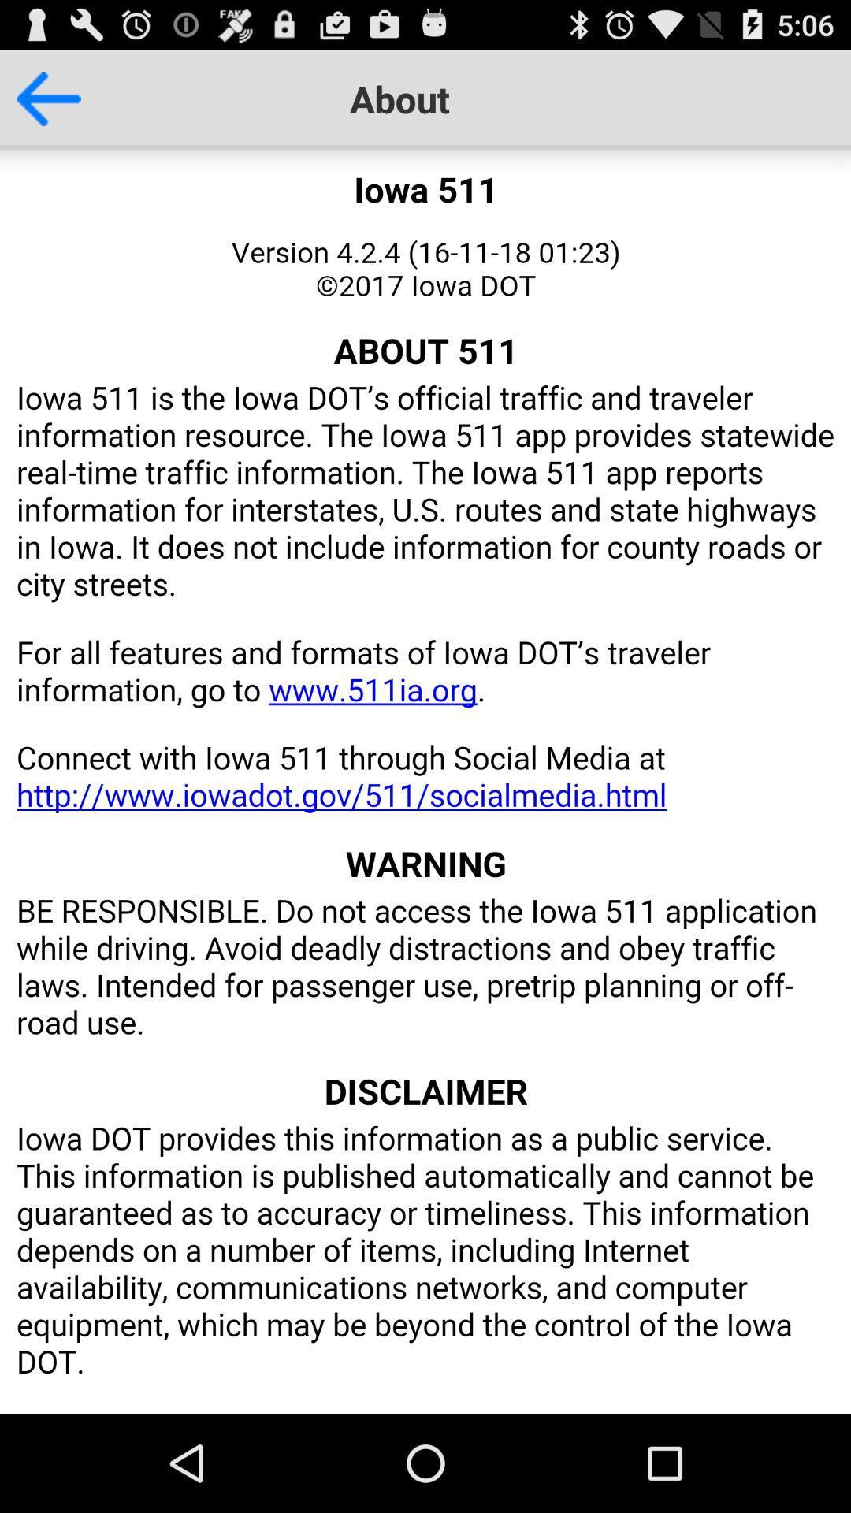 The width and height of the screenshot is (851, 1513). What do you see at coordinates (39, 98) in the screenshot?
I see `backword option` at bounding box center [39, 98].